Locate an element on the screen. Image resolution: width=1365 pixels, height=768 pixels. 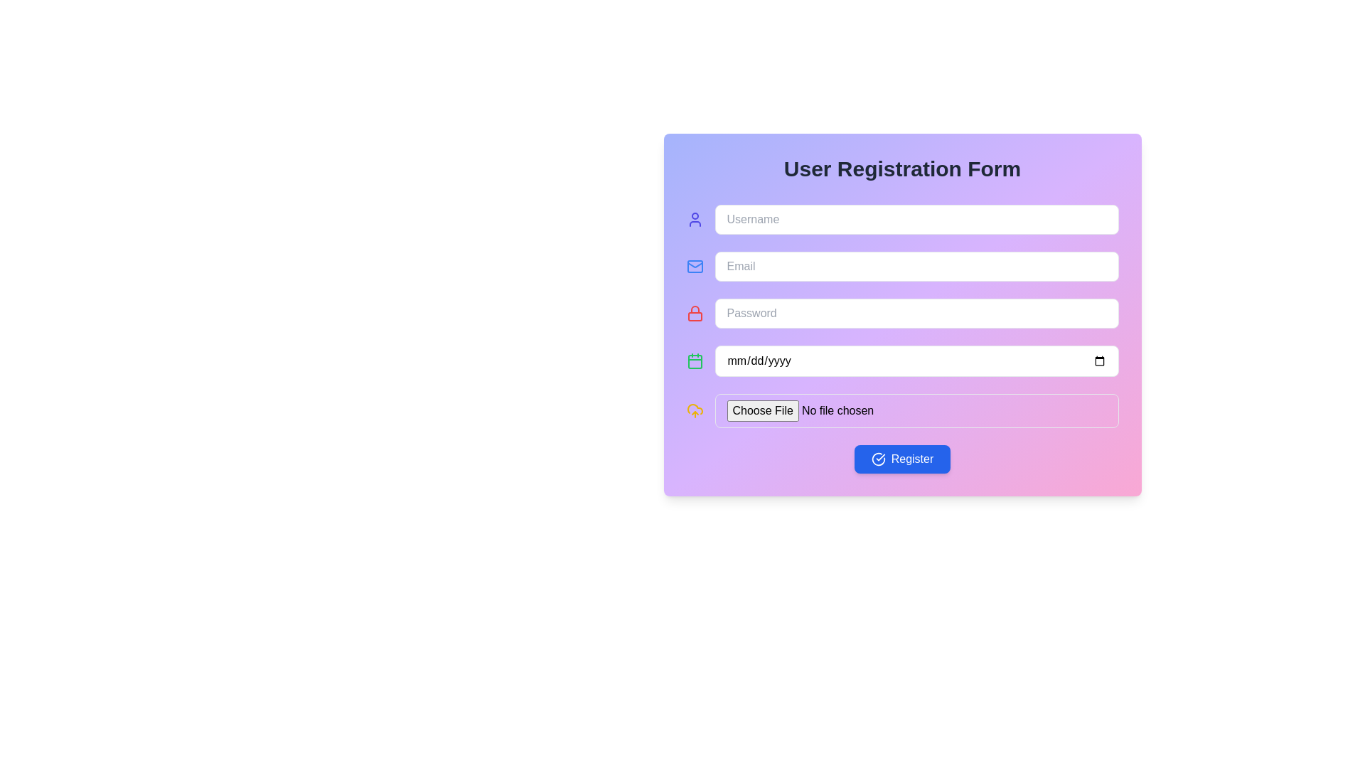
properties of the lower part of the lock icon represented as a rounded rectangle in the SVG, located to the left of the 'Password' input field is located at coordinates (695, 316).